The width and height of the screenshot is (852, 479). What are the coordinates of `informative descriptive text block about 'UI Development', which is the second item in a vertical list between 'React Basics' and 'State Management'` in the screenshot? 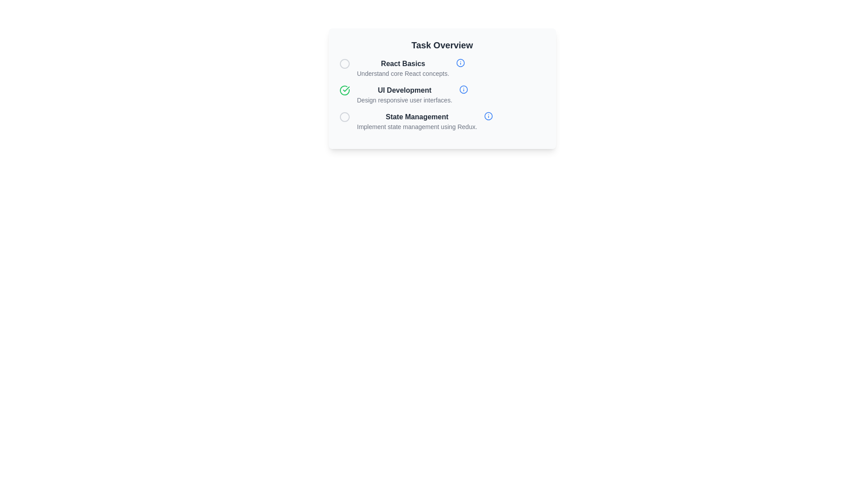 It's located at (442, 94).